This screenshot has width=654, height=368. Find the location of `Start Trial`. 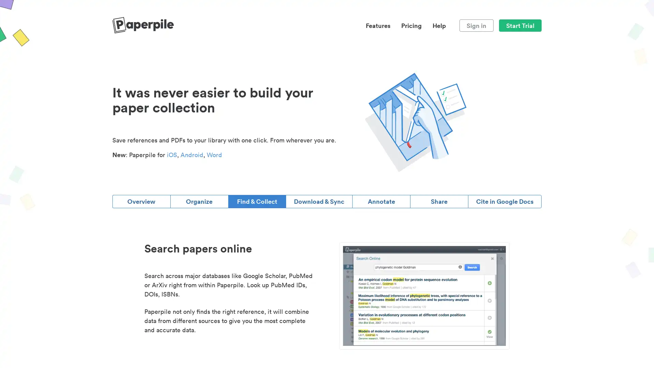

Start Trial is located at coordinates (520, 25).